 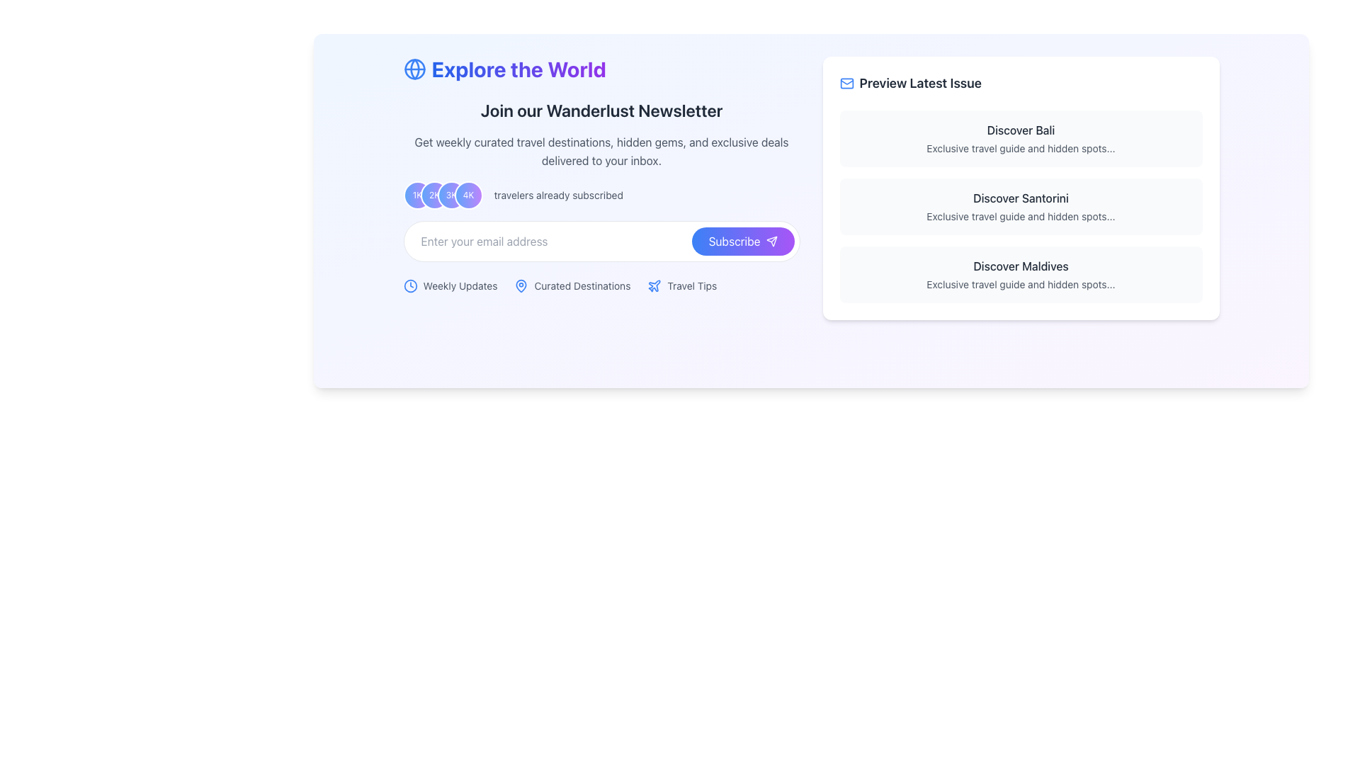 What do you see at coordinates (449, 286) in the screenshot?
I see `the 'Weekly Updates' label, which features a blue clock icon and gray text, positioned as the first item in a horizontal sequence of three items` at bounding box center [449, 286].